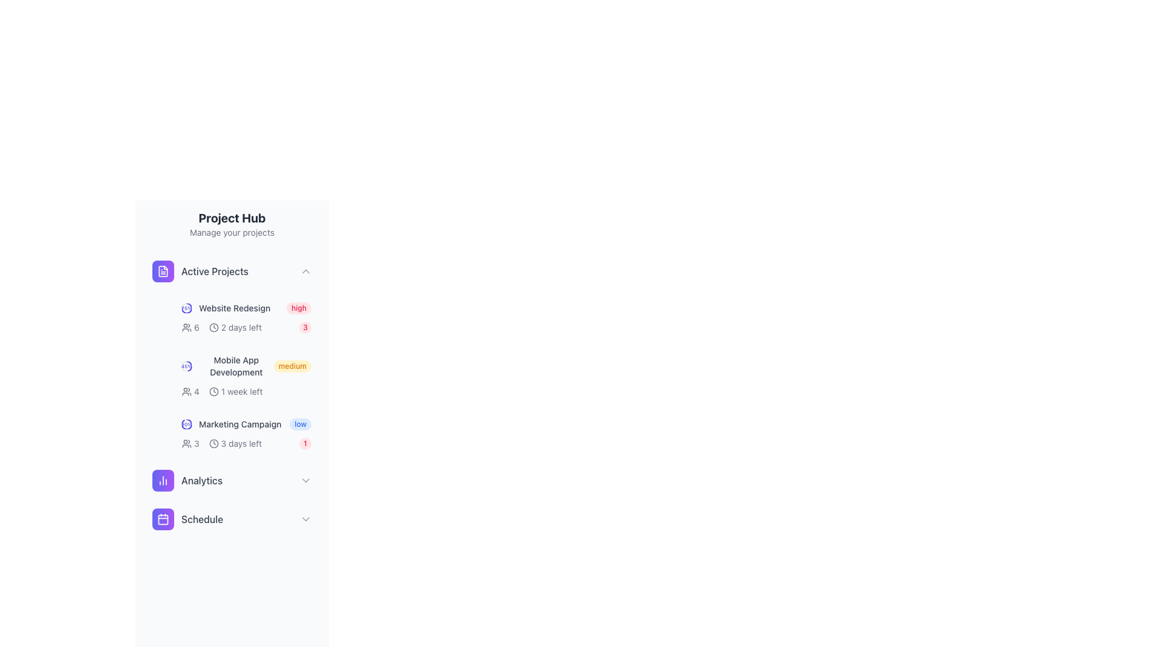 This screenshot has height=653, width=1161. What do you see at coordinates (186, 424) in the screenshot?
I see `the progress indicator icon that shows '90%' to the left of the 'Marketing Campaign' label in the Active Projects section` at bounding box center [186, 424].